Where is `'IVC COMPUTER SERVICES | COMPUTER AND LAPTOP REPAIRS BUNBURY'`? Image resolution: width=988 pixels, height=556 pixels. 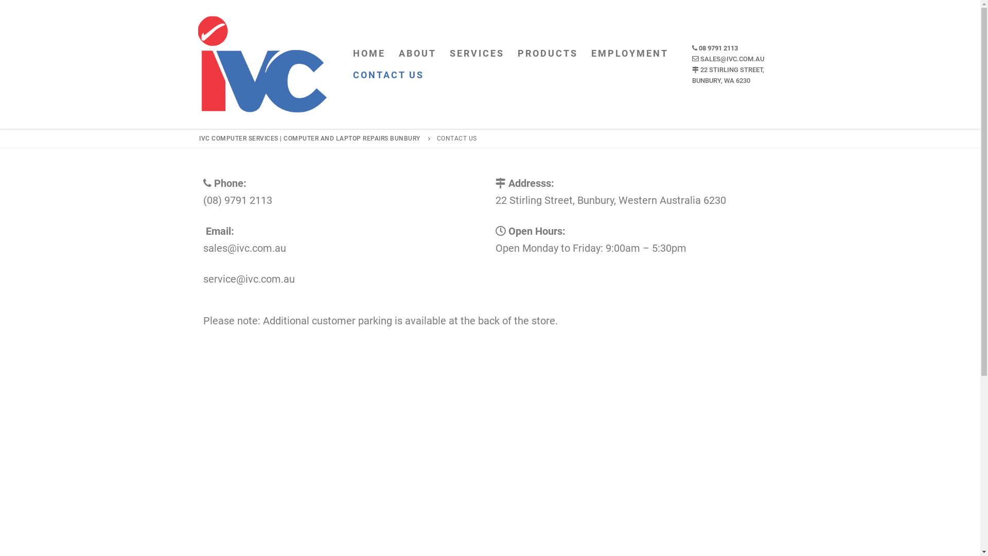 'IVC COMPUTER SERVICES | COMPUTER AND LAPTOP REPAIRS BUNBURY' is located at coordinates (310, 138).